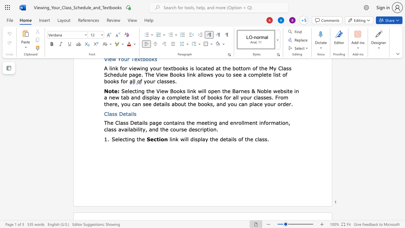 Image resolution: width=405 pixels, height=228 pixels. I want to click on the space between the continuous character "c" and "l" in the text, so click(257, 139).